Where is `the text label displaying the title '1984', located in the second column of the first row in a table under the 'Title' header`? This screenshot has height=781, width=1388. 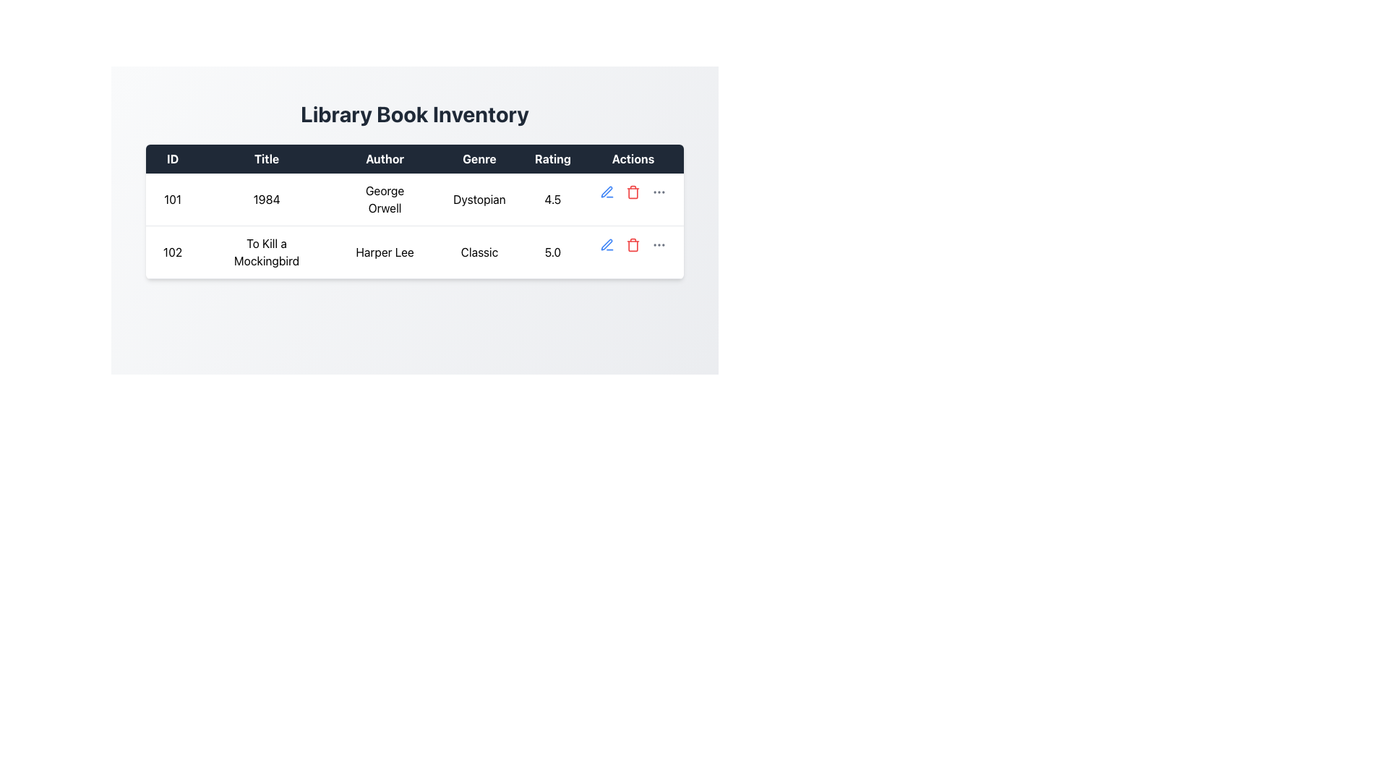 the text label displaying the title '1984', located in the second column of the first row in a table under the 'Title' header is located at coordinates (267, 200).